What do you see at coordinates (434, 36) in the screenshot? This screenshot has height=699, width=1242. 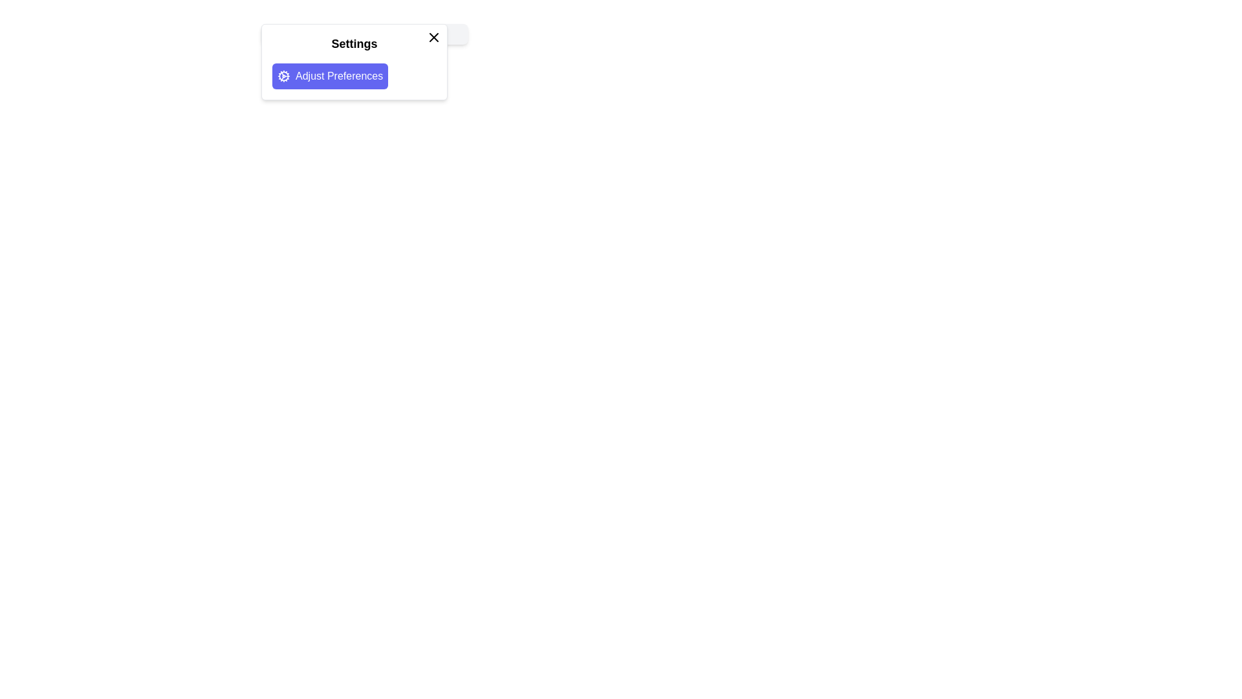 I see `the close button located at the top-right corner of the 'Settings' pop-up panel` at bounding box center [434, 36].